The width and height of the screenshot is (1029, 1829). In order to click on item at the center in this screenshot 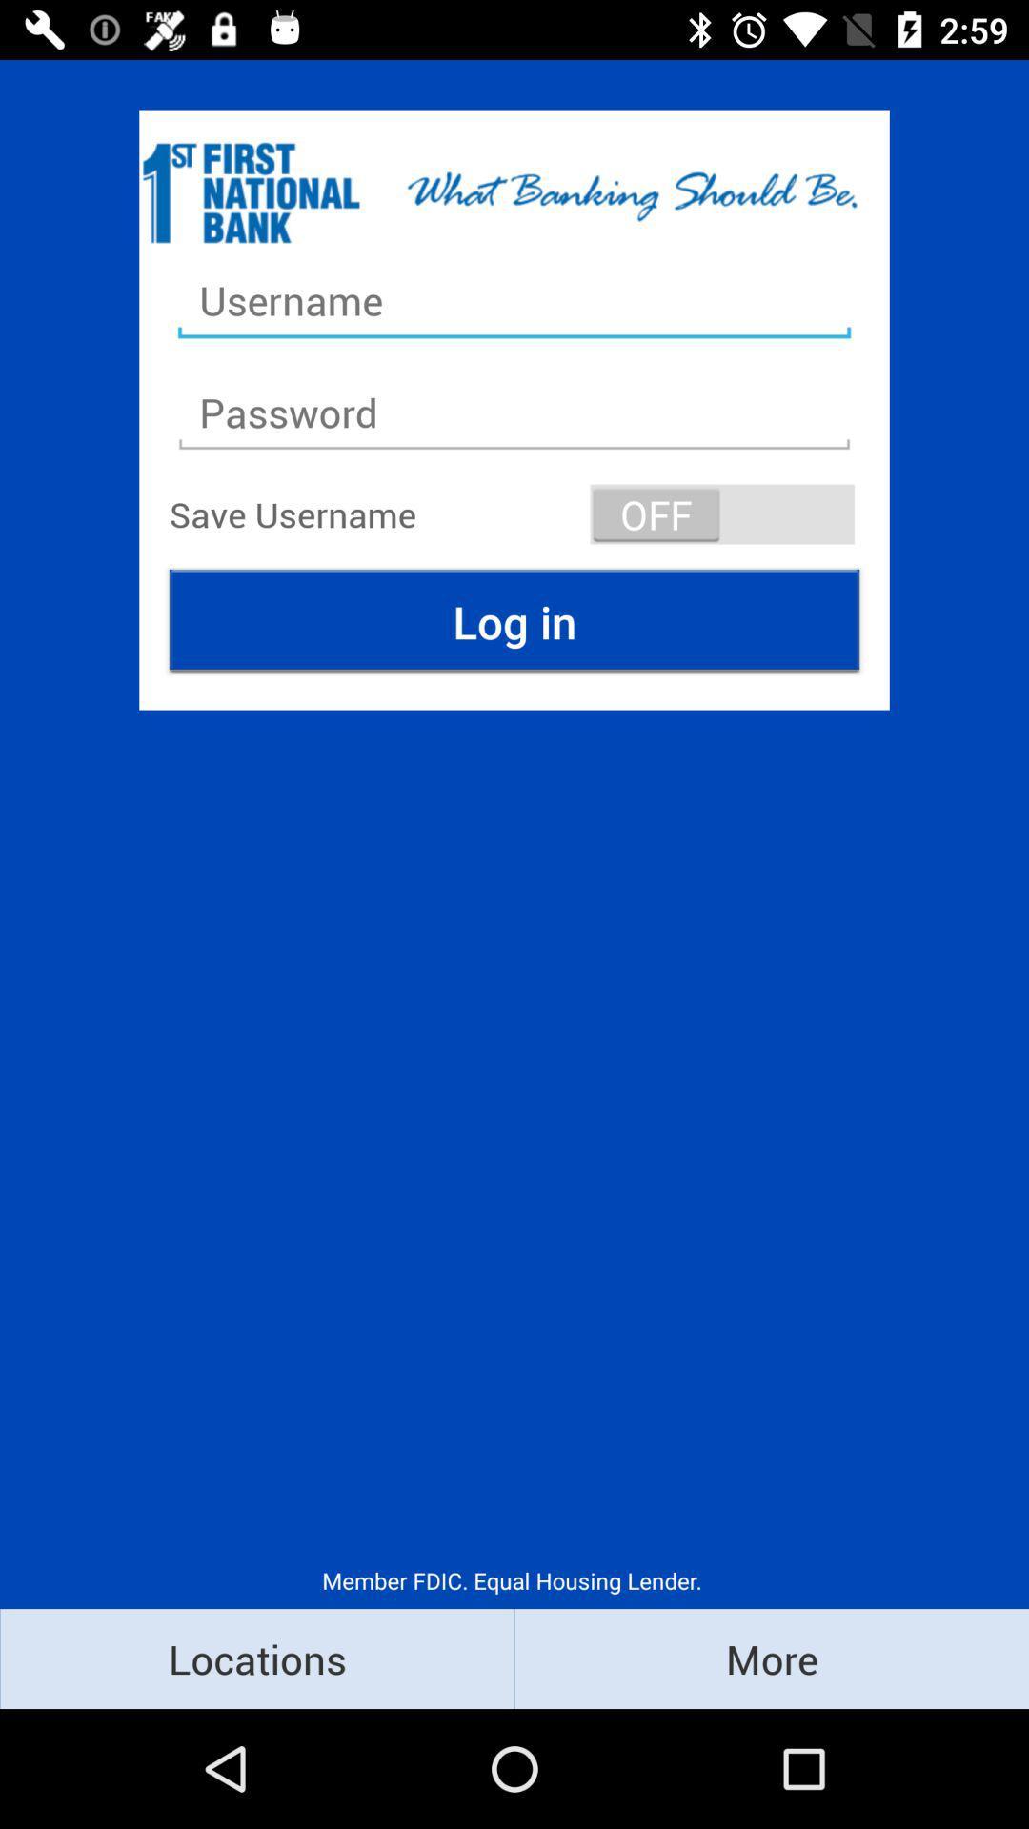, I will do `click(514, 621)`.